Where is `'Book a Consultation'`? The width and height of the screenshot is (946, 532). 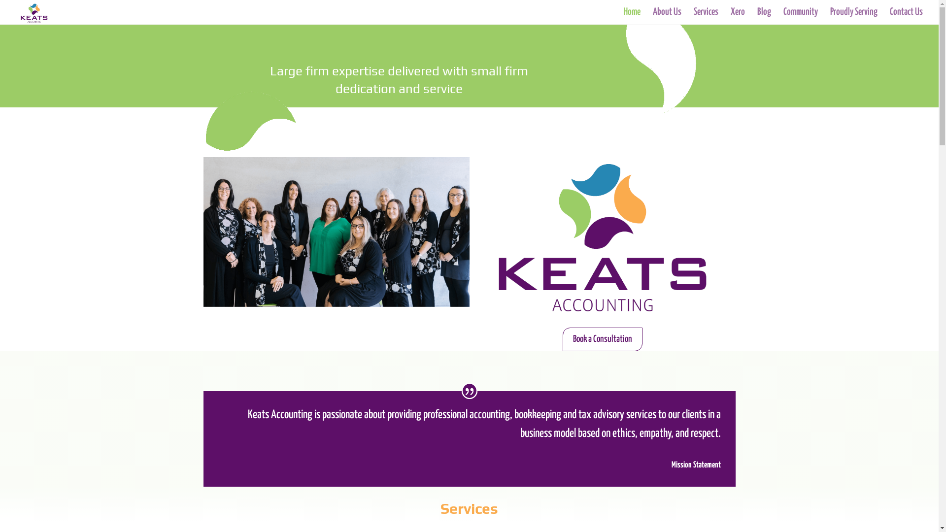
'Book a Consultation' is located at coordinates (602, 339).